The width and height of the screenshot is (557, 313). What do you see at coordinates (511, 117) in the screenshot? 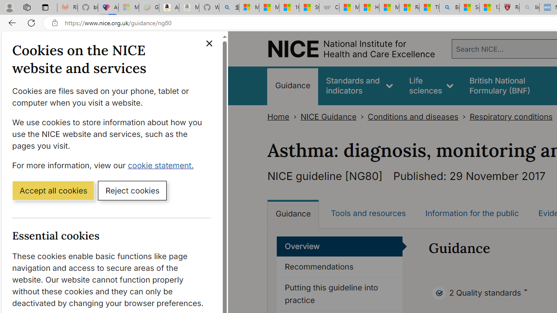
I see `'Respiratory conditions'` at bounding box center [511, 117].